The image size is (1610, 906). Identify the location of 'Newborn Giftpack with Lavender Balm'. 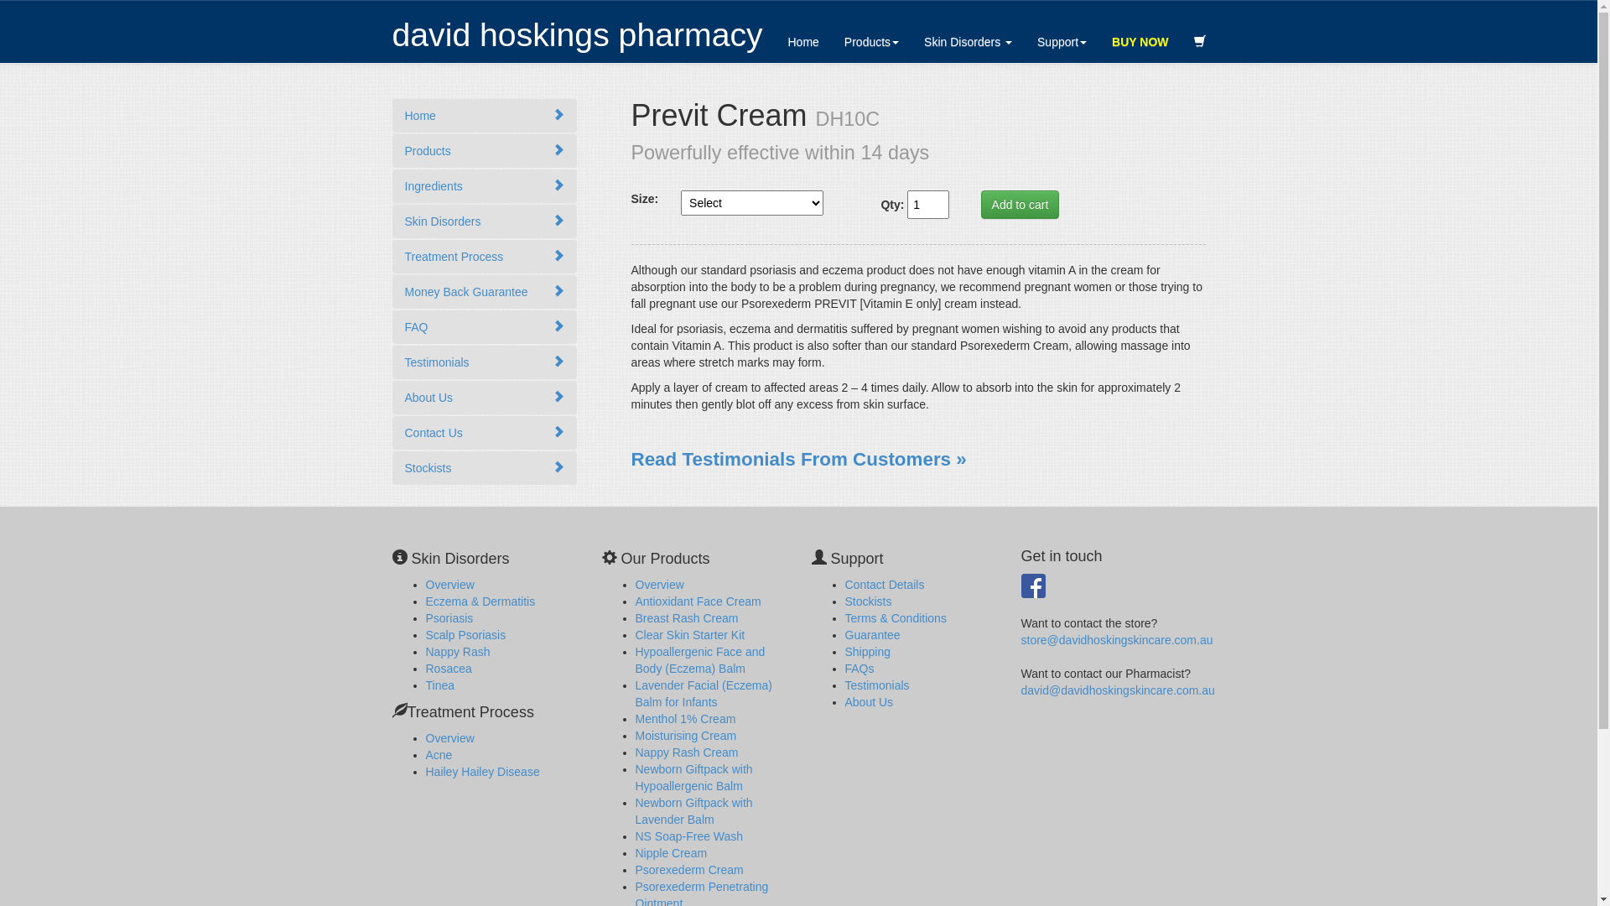
(694, 810).